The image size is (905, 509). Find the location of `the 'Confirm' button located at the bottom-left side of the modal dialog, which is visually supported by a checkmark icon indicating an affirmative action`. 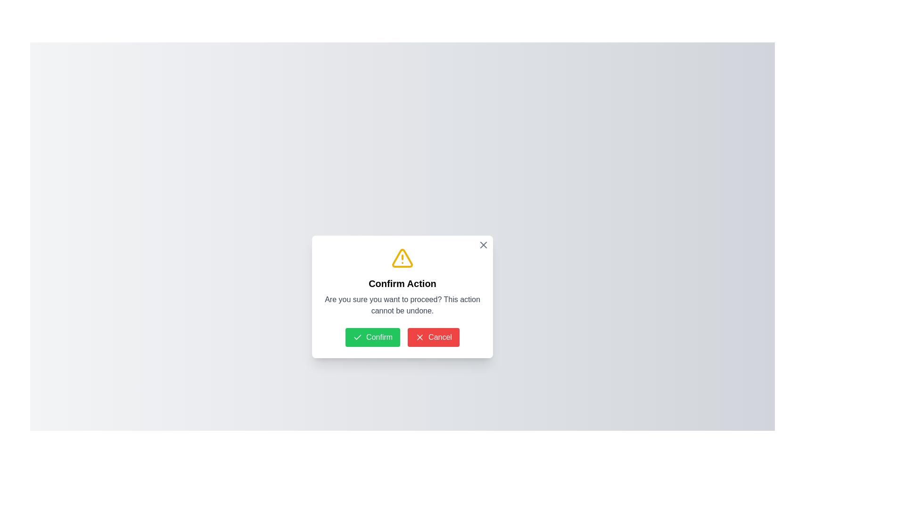

the 'Confirm' button located at the bottom-left side of the modal dialog, which is visually supported by a checkmark icon indicating an affirmative action is located at coordinates (357, 337).